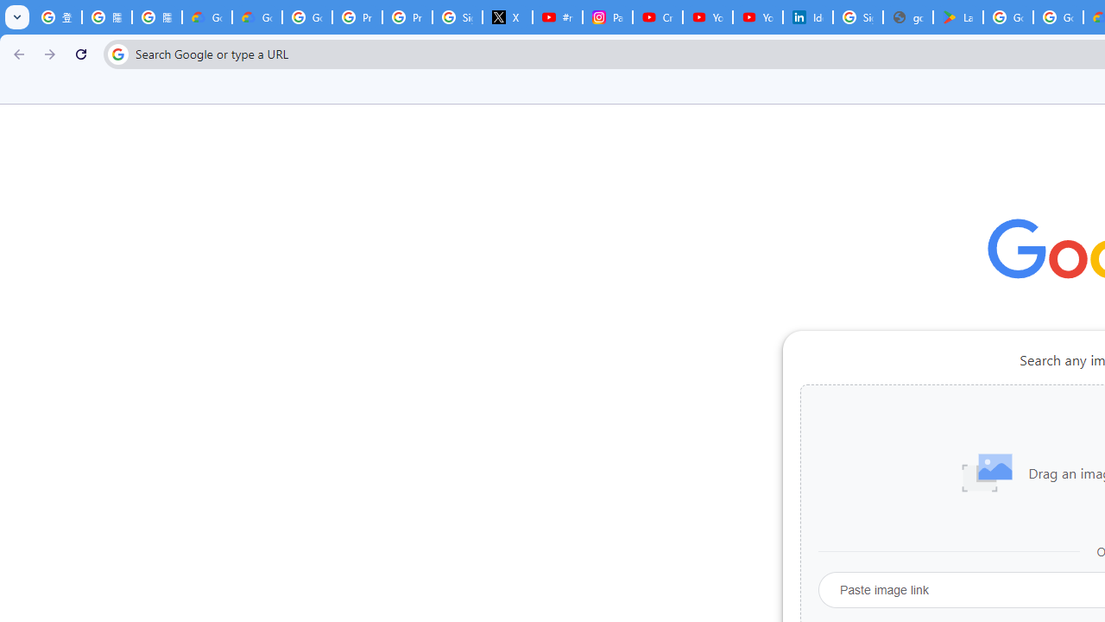 This screenshot has width=1105, height=622. Describe the element at coordinates (758, 17) in the screenshot. I see `'YouTube Culture & Trends - YouTube Top 10, 2021'` at that location.